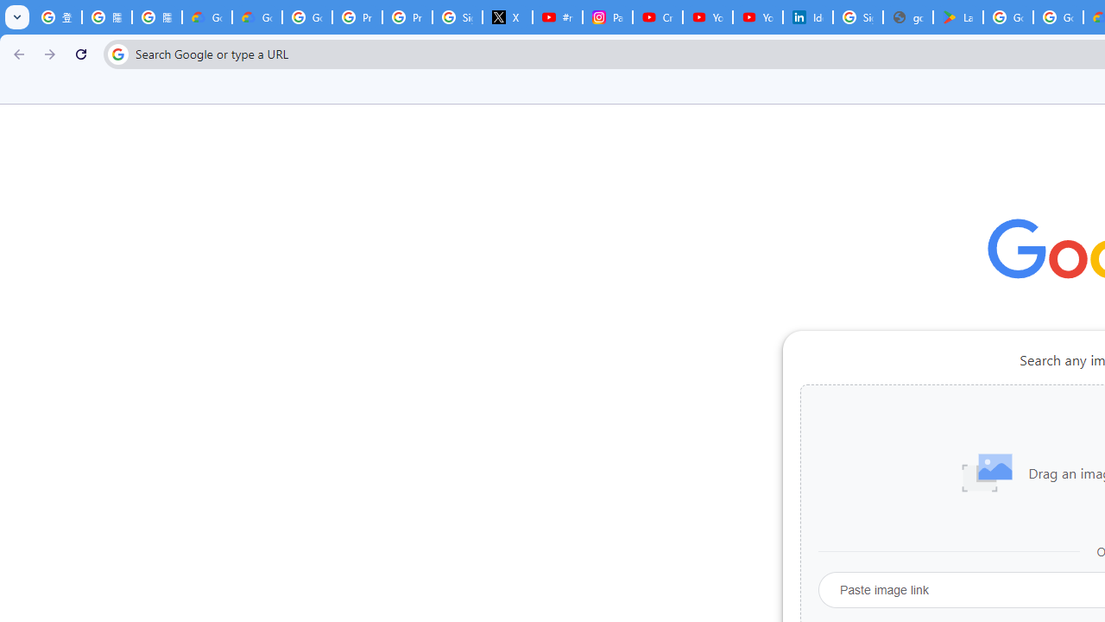 This screenshot has width=1105, height=622. Describe the element at coordinates (758, 17) in the screenshot. I see `'YouTube Culture & Trends - YouTube Top 10, 2021'` at that location.